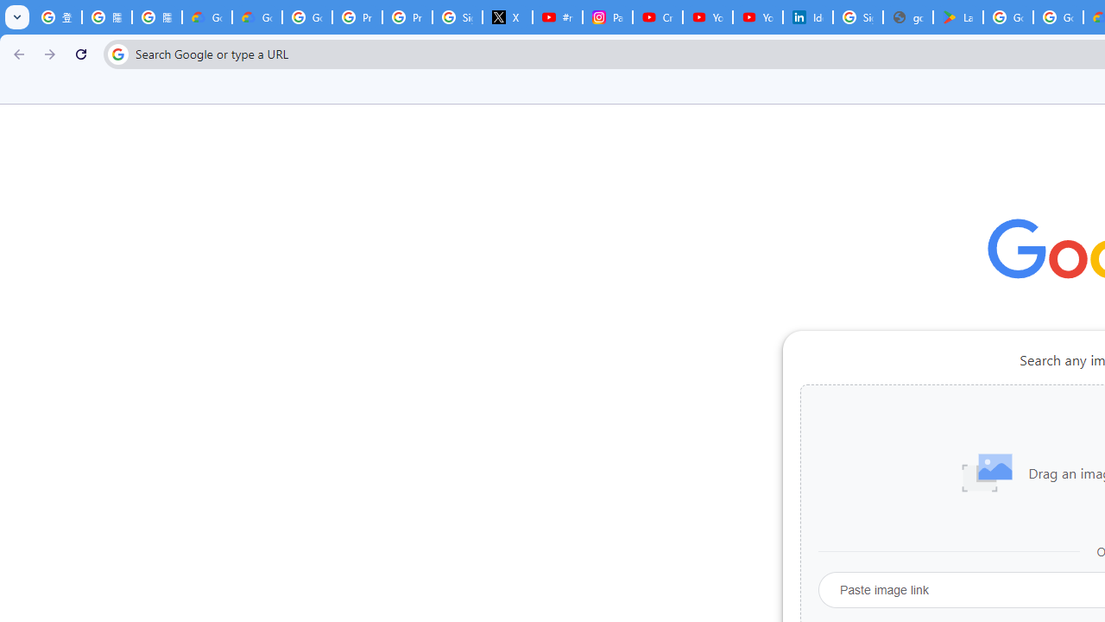 This screenshot has width=1105, height=622. Describe the element at coordinates (758, 17) in the screenshot. I see `'YouTube Culture & Trends - YouTube Top 10, 2021'` at that location.